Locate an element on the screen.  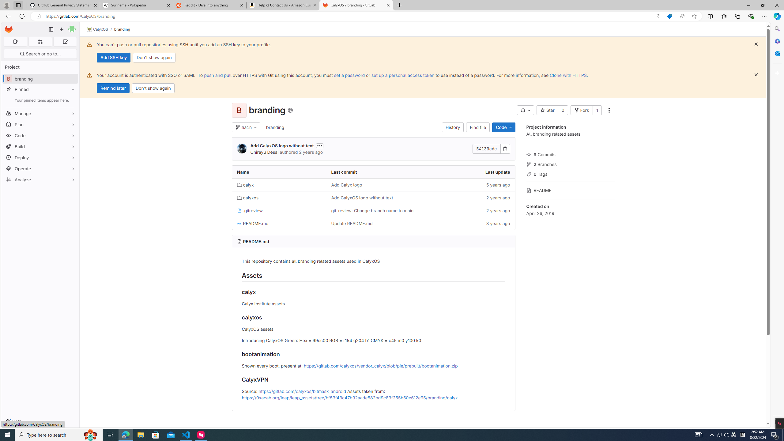
'Update README.md' is located at coordinates (351, 223).